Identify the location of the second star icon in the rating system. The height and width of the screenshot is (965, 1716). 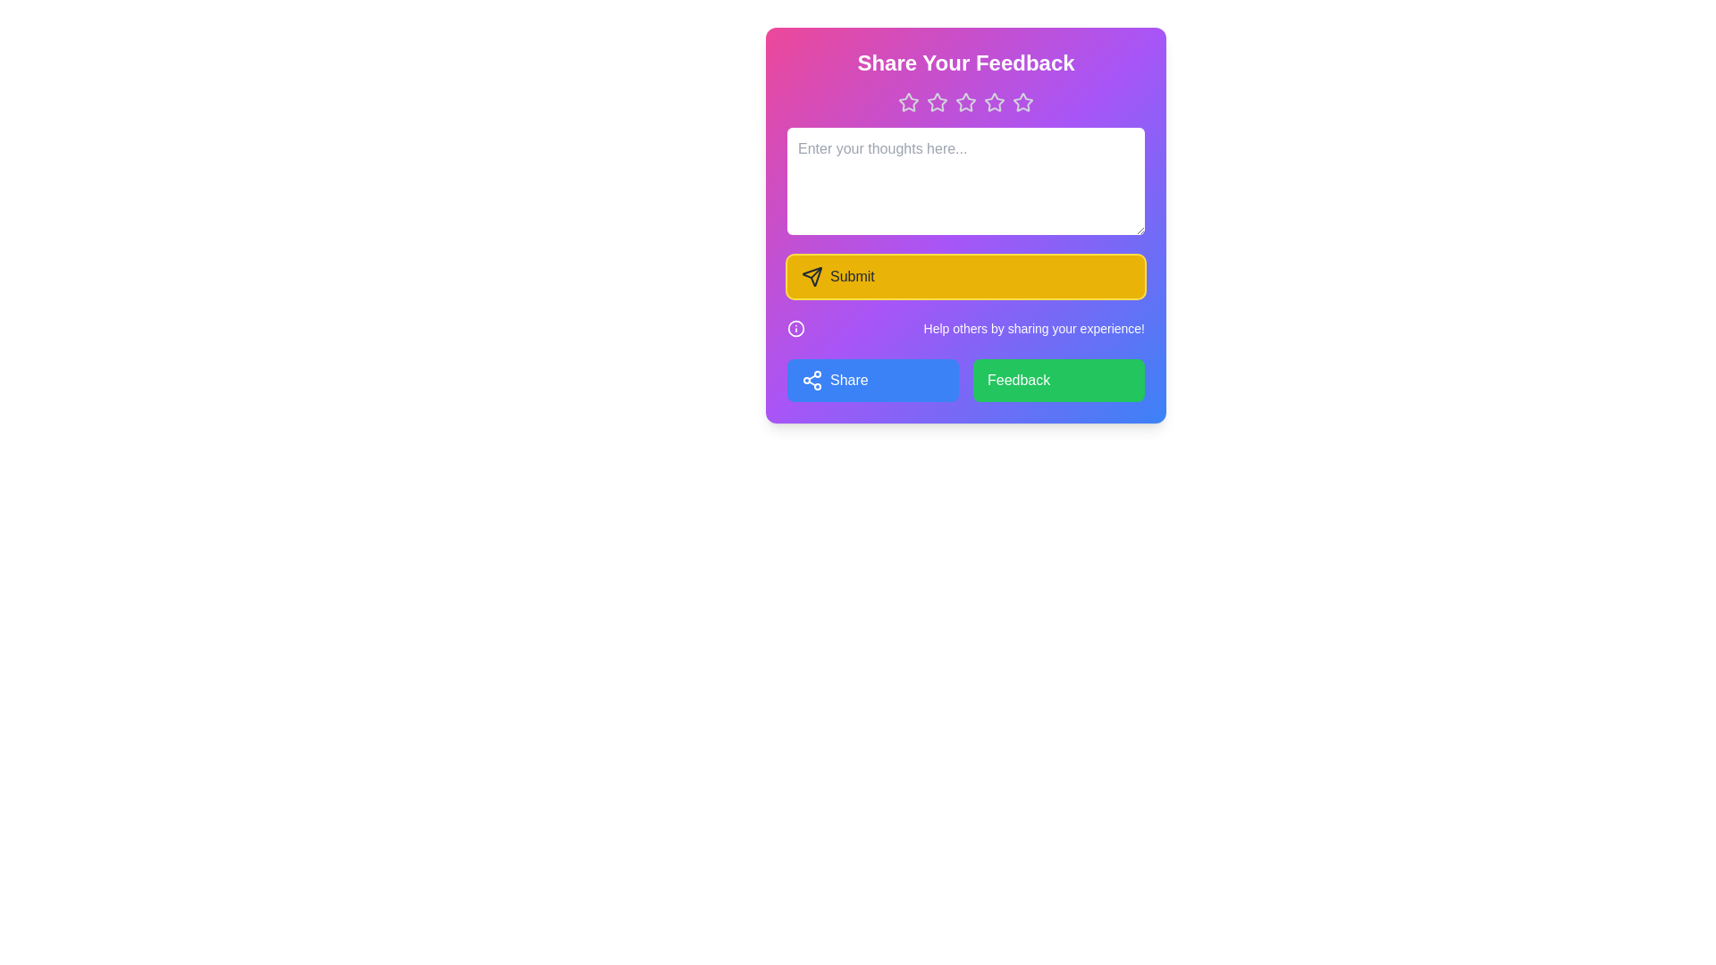
(937, 102).